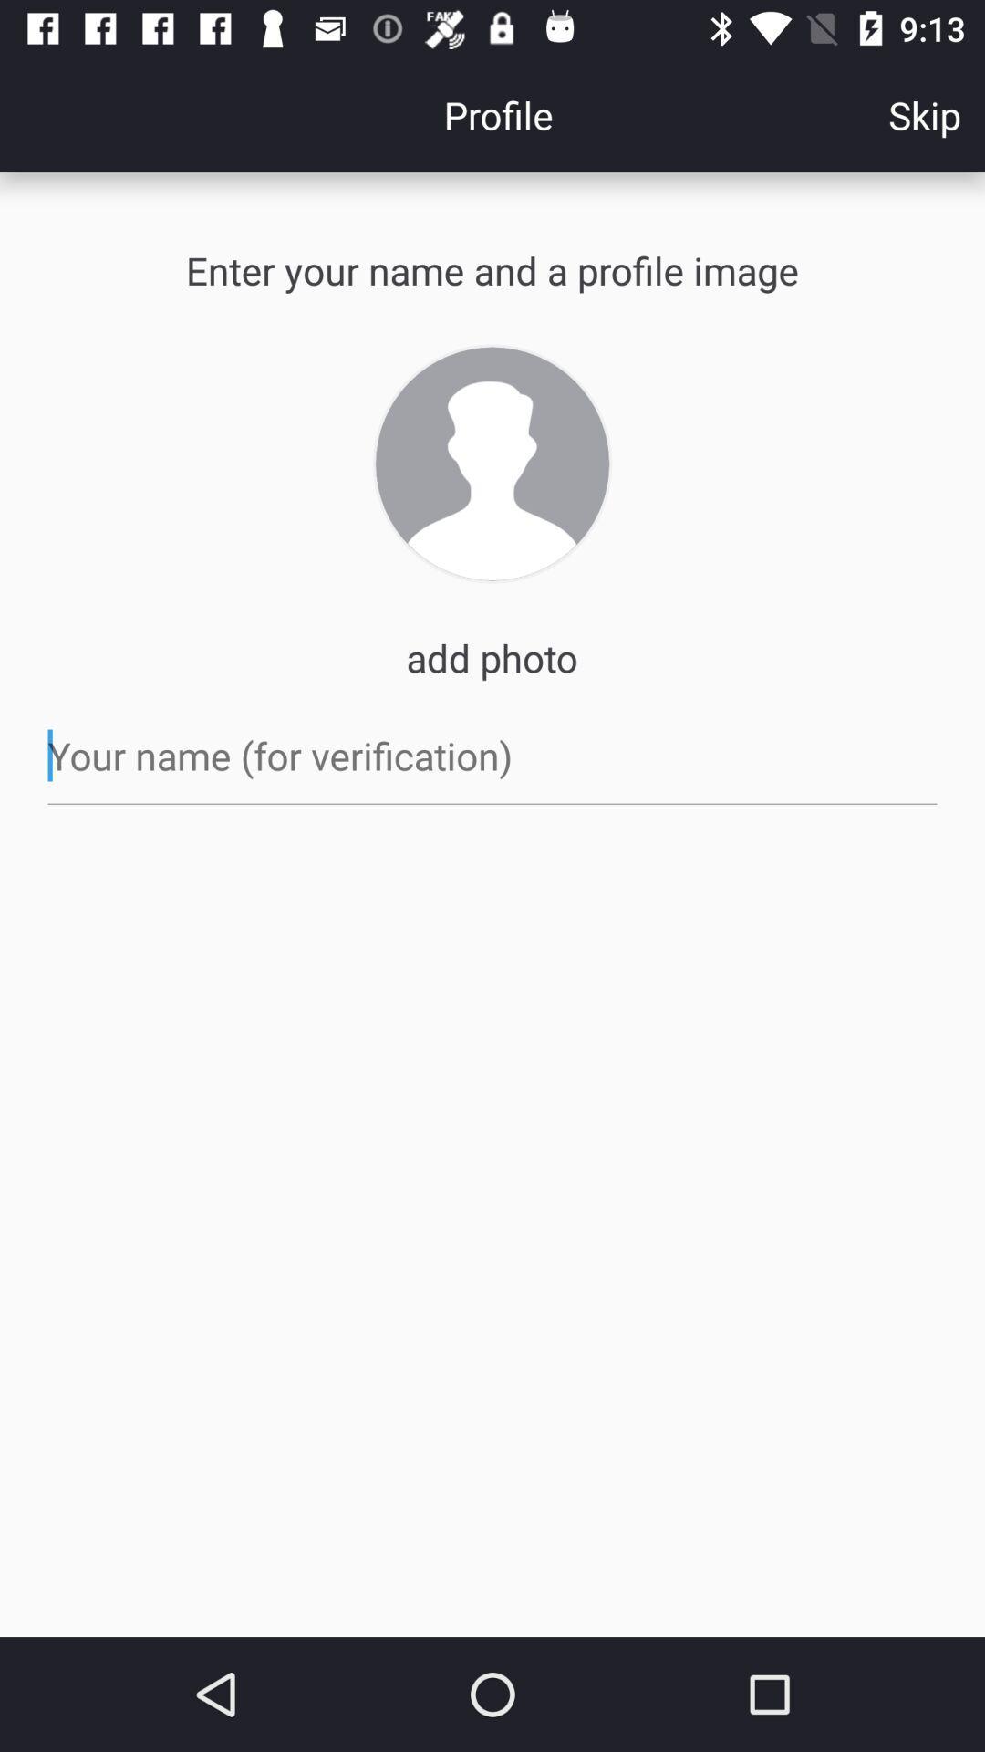 The image size is (985, 1752). What do you see at coordinates (925, 113) in the screenshot?
I see `the skip item` at bounding box center [925, 113].